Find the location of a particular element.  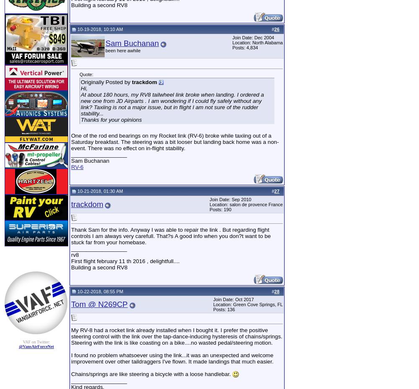

'Hi,' is located at coordinates (80, 87).